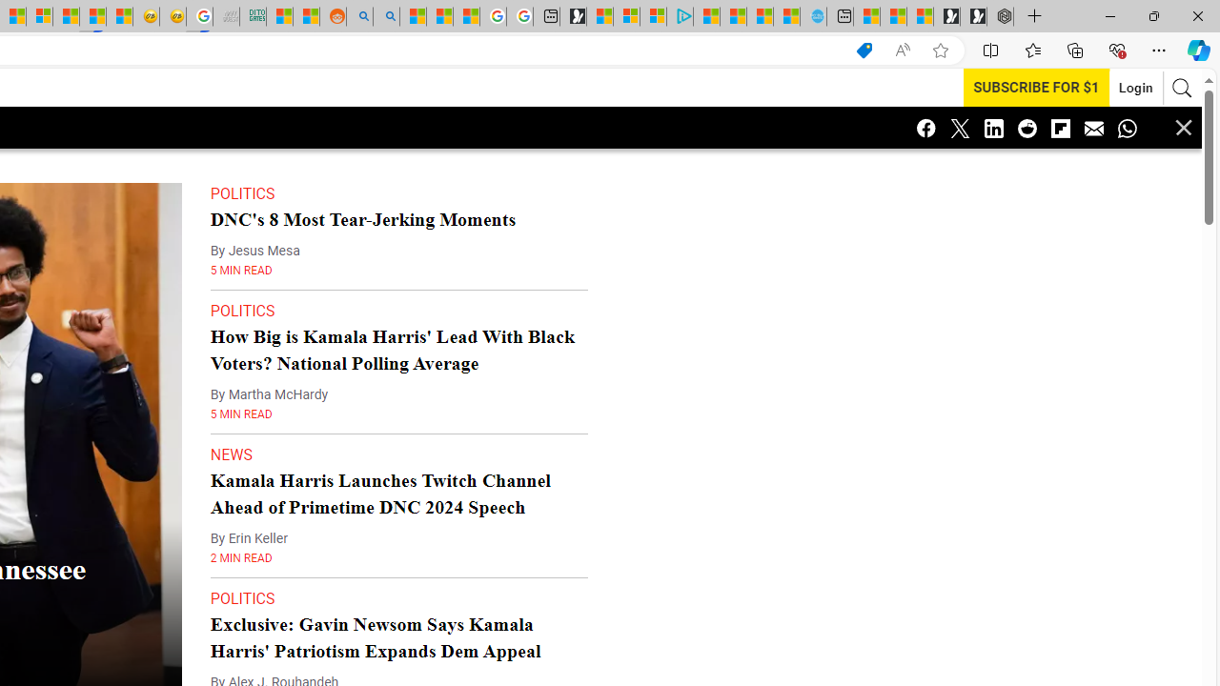  I want to click on 'Shopping in Microsoft Edge', so click(863, 50).